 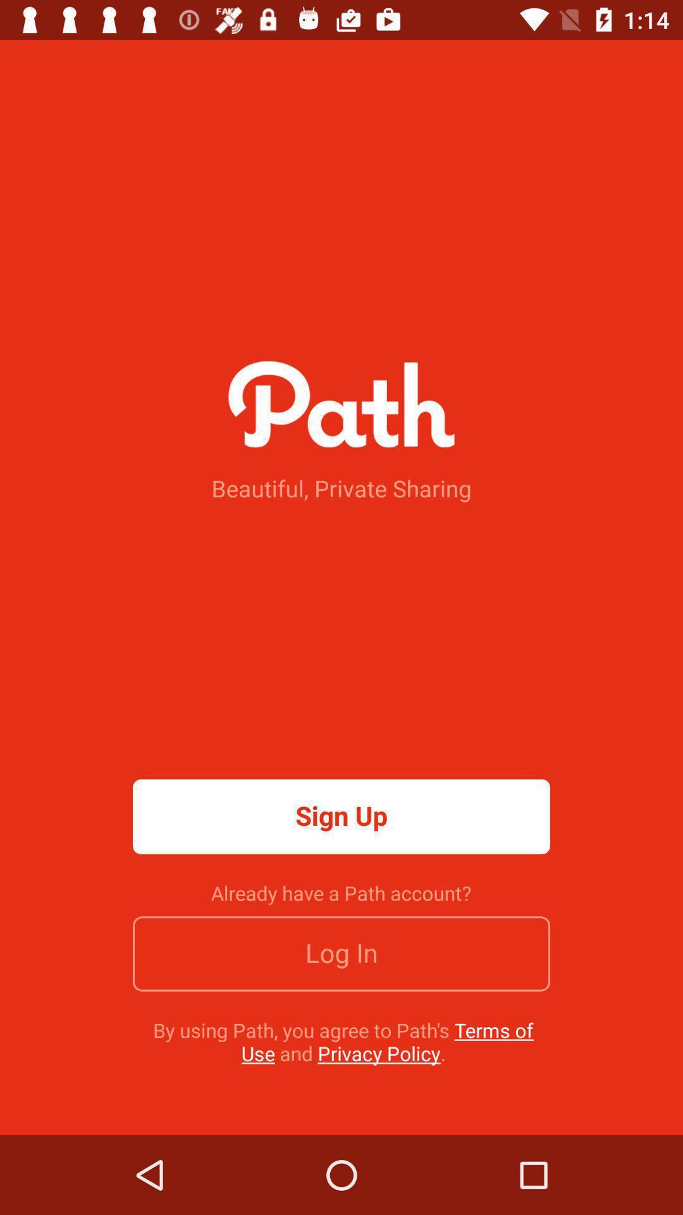 I want to click on app above the by using path, so click(x=341, y=954).